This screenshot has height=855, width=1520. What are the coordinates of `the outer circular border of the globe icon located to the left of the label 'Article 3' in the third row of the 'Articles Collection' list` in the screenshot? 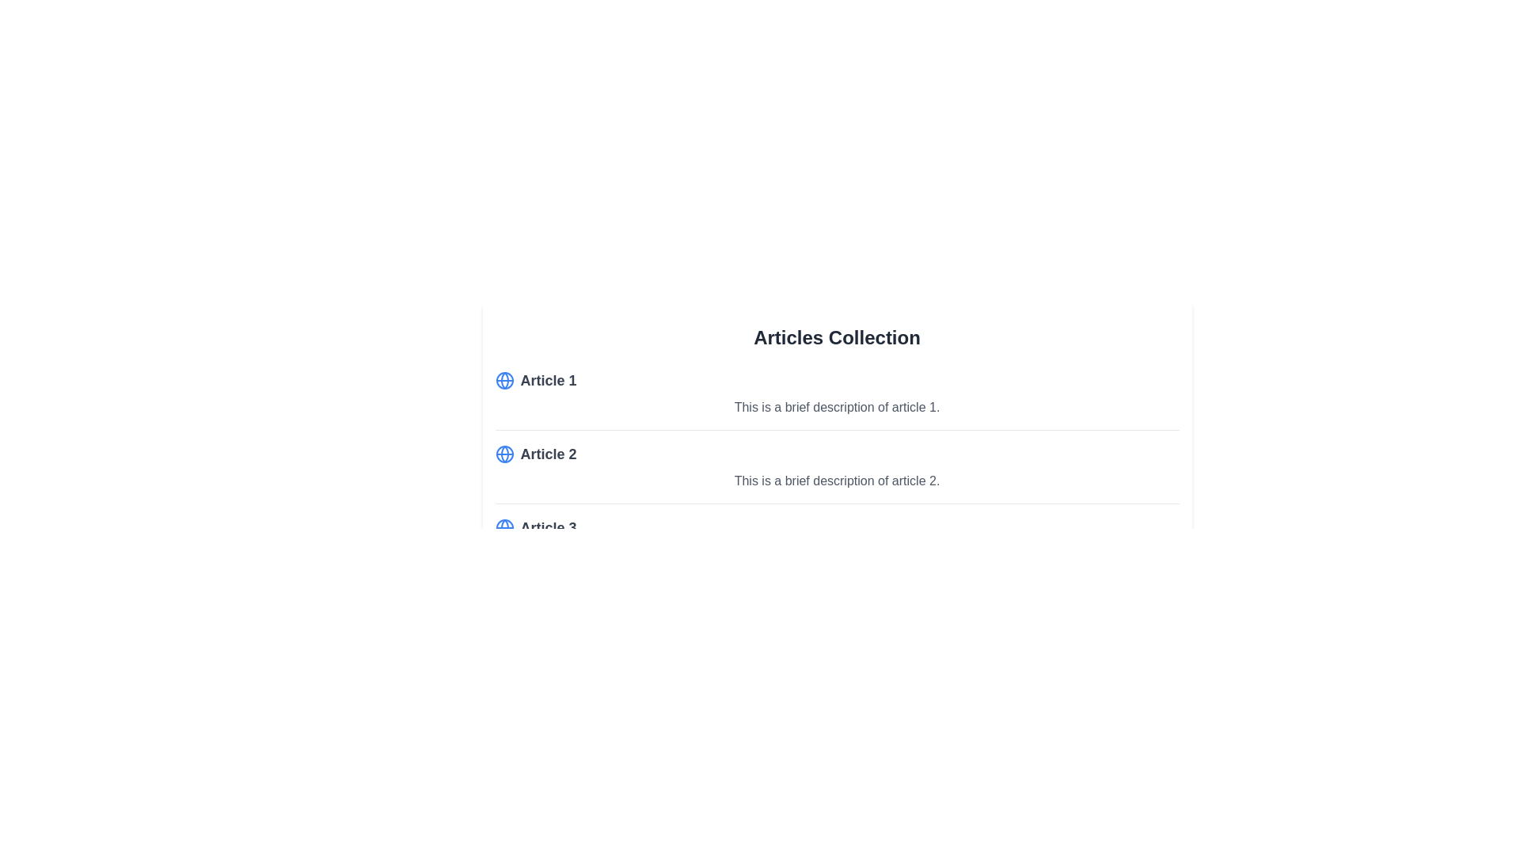 It's located at (503, 528).